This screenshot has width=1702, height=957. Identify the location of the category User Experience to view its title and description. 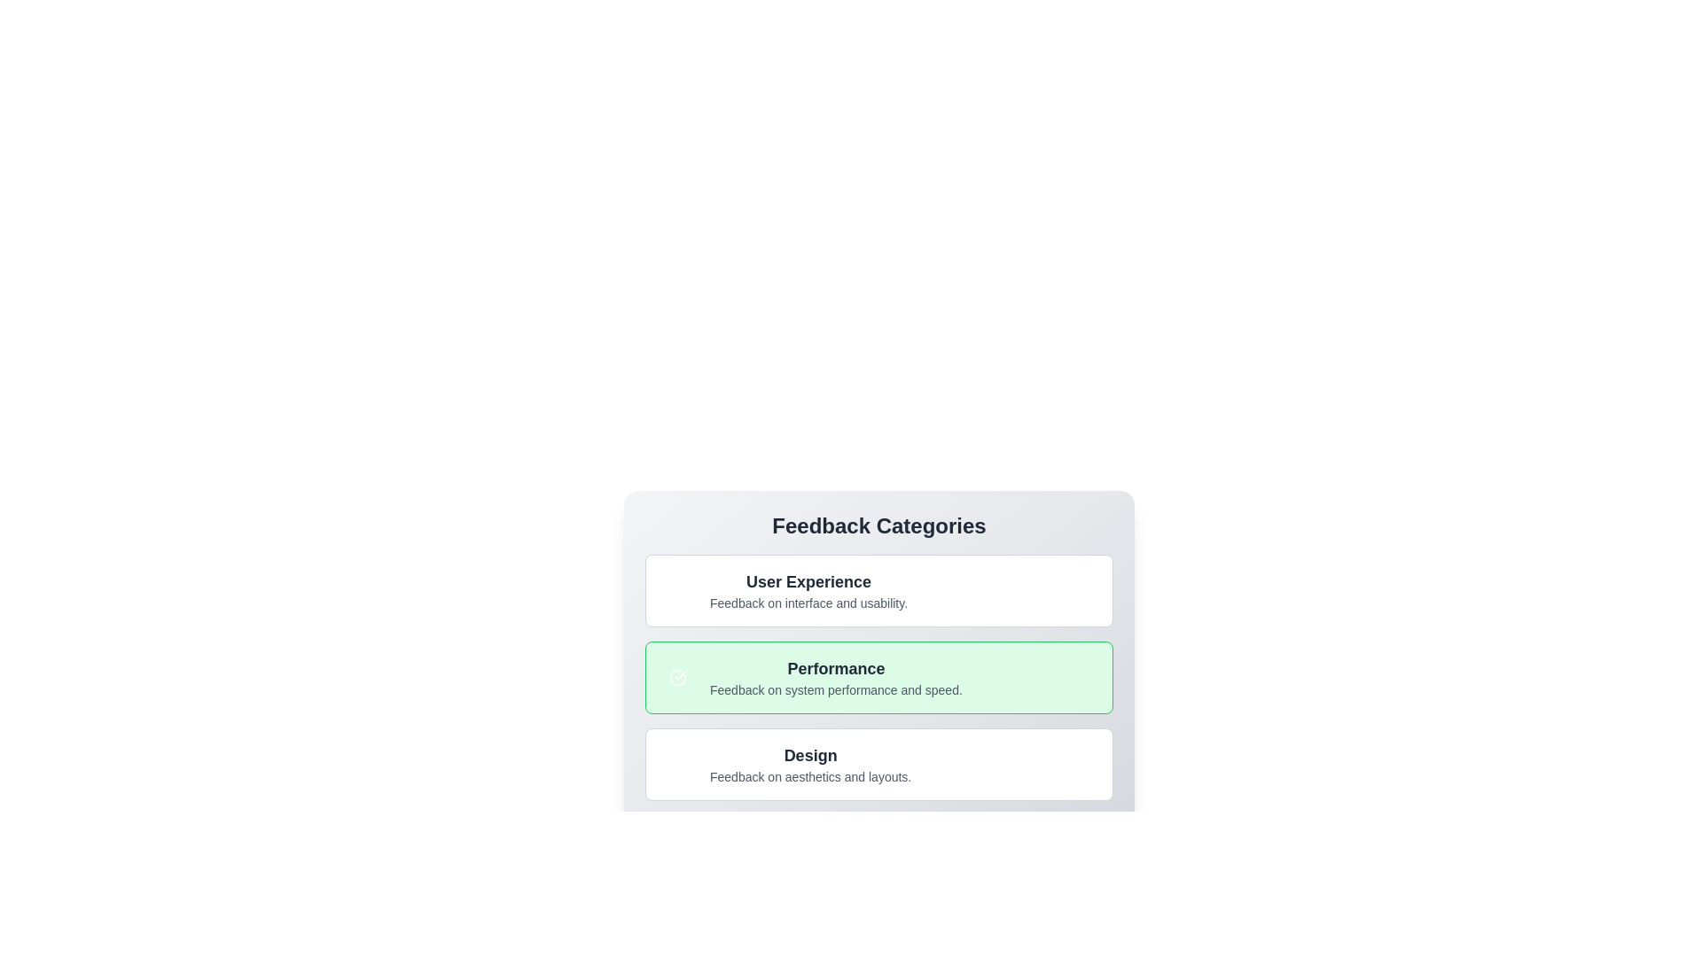
(879, 591).